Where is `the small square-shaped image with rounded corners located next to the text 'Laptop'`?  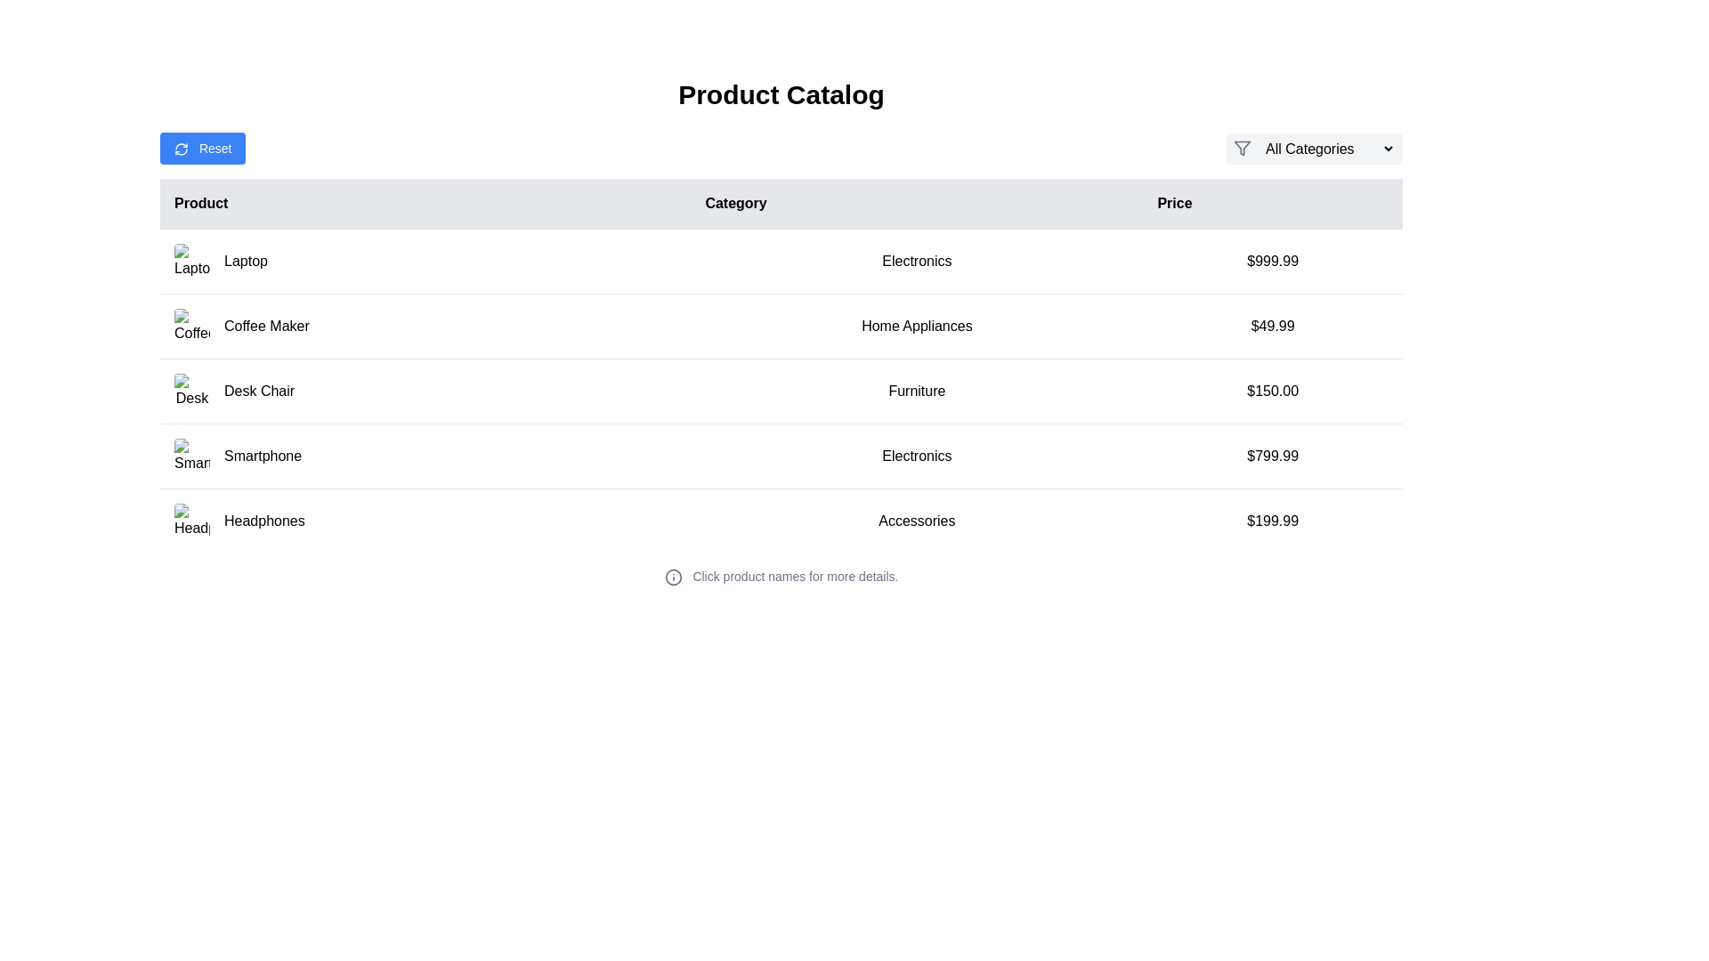
the small square-shaped image with rounded corners located next to the text 'Laptop' is located at coordinates (192, 261).